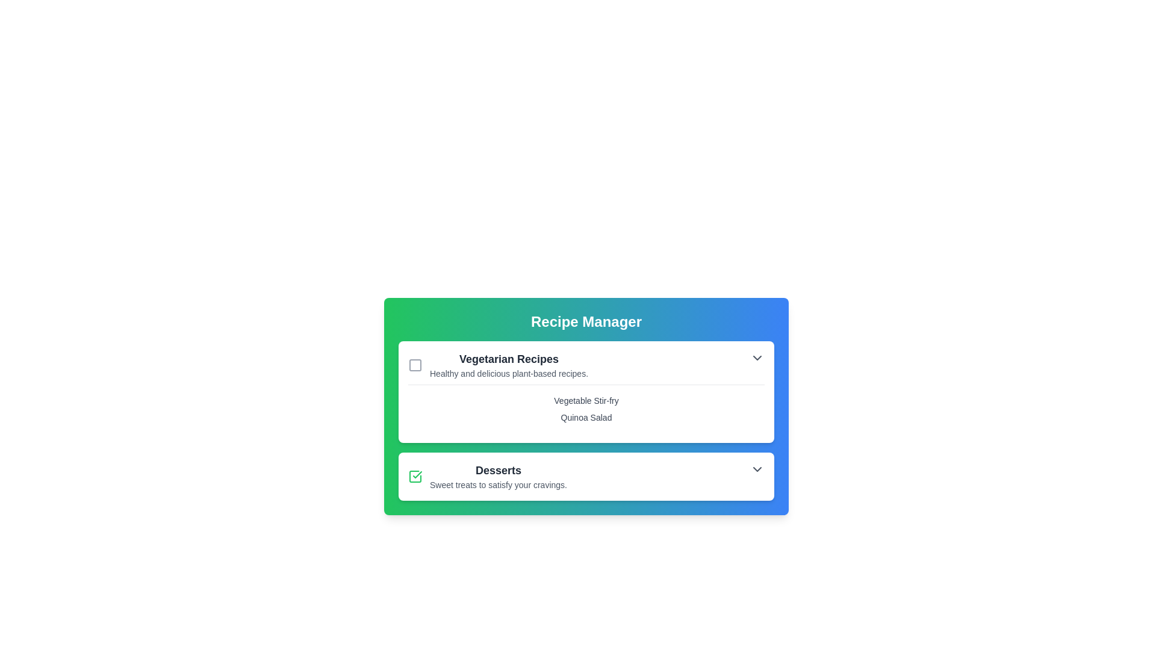 The width and height of the screenshot is (1156, 650). What do you see at coordinates (498, 364) in the screenshot?
I see `the 'Vegetarian Recipes' label and description pair, which includes a bold heading and a subheading with an outlined square icon to the left, located in the Recipe Manager section` at bounding box center [498, 364].